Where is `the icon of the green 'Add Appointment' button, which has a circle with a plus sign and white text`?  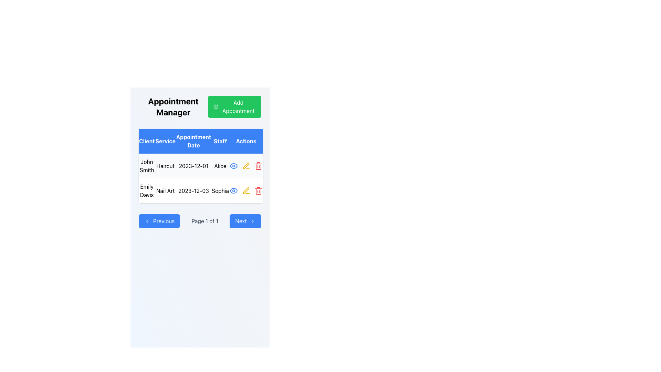
the icon of the green 'Add Appointment' button, which has a circle with a plus sign and white text is located at coordinates (216, 106).